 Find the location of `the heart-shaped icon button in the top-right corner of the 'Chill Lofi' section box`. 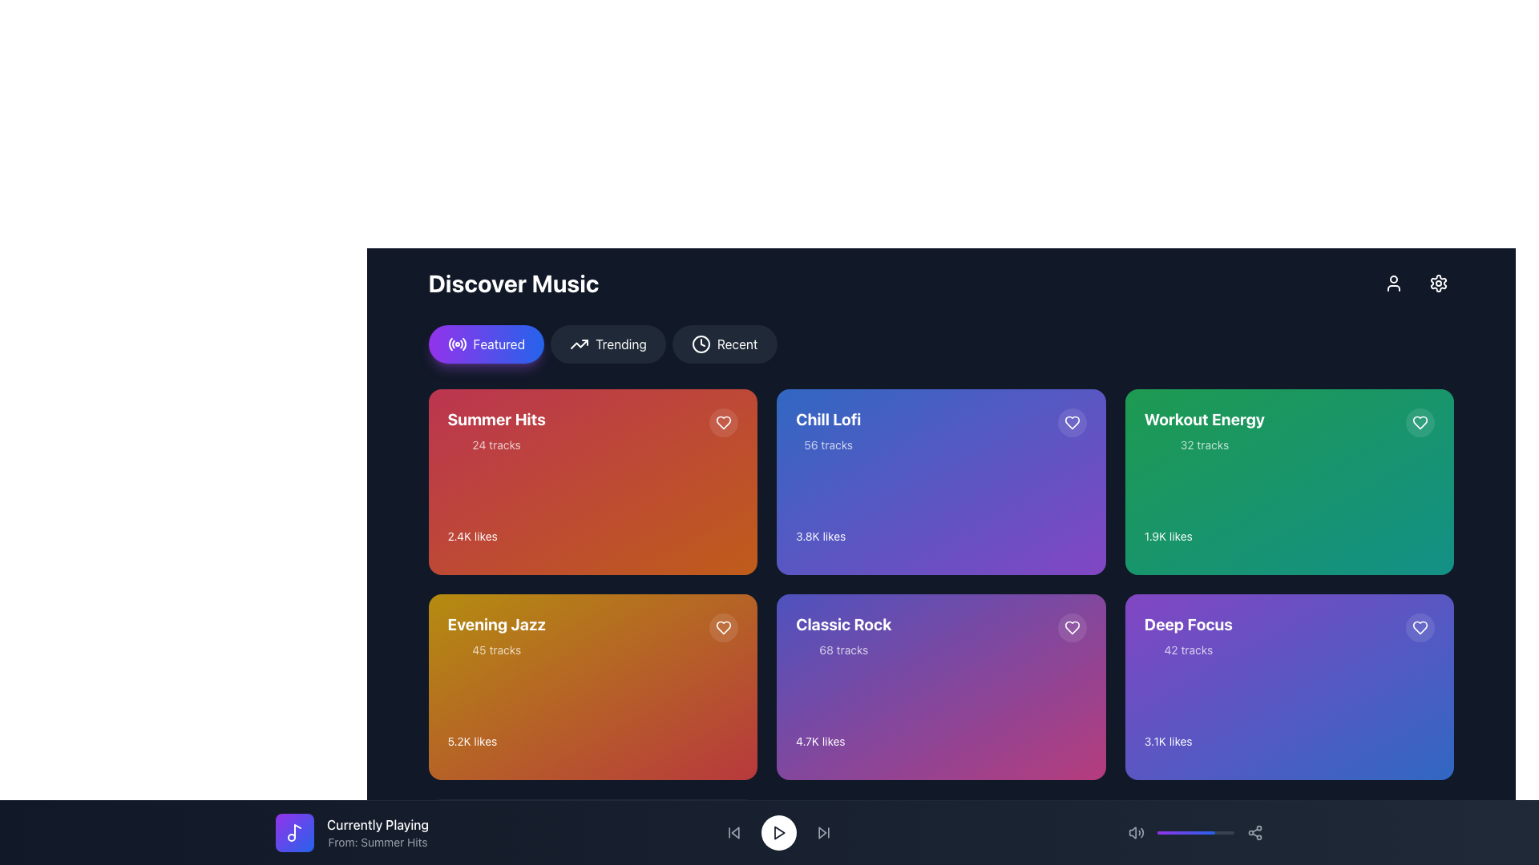

the heart-shaped icon button in the top-right corner of the 'Chill Lofi' section box is located at coordinates (1072, 626).